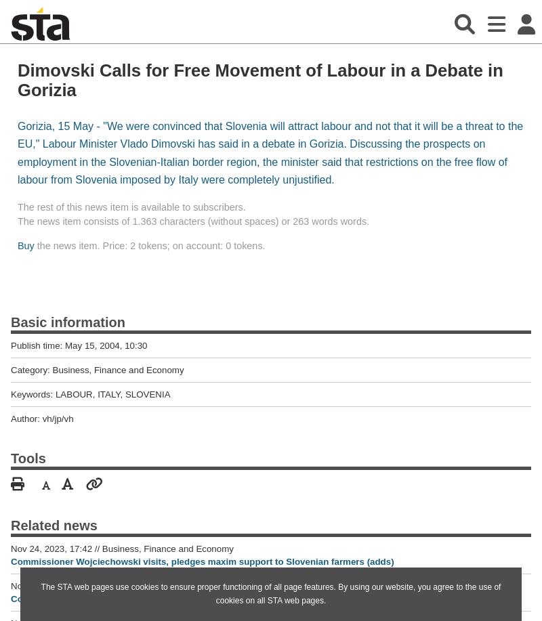  I want to click on 'Category:
            Business, Finance and Economy', so click(97, 369).